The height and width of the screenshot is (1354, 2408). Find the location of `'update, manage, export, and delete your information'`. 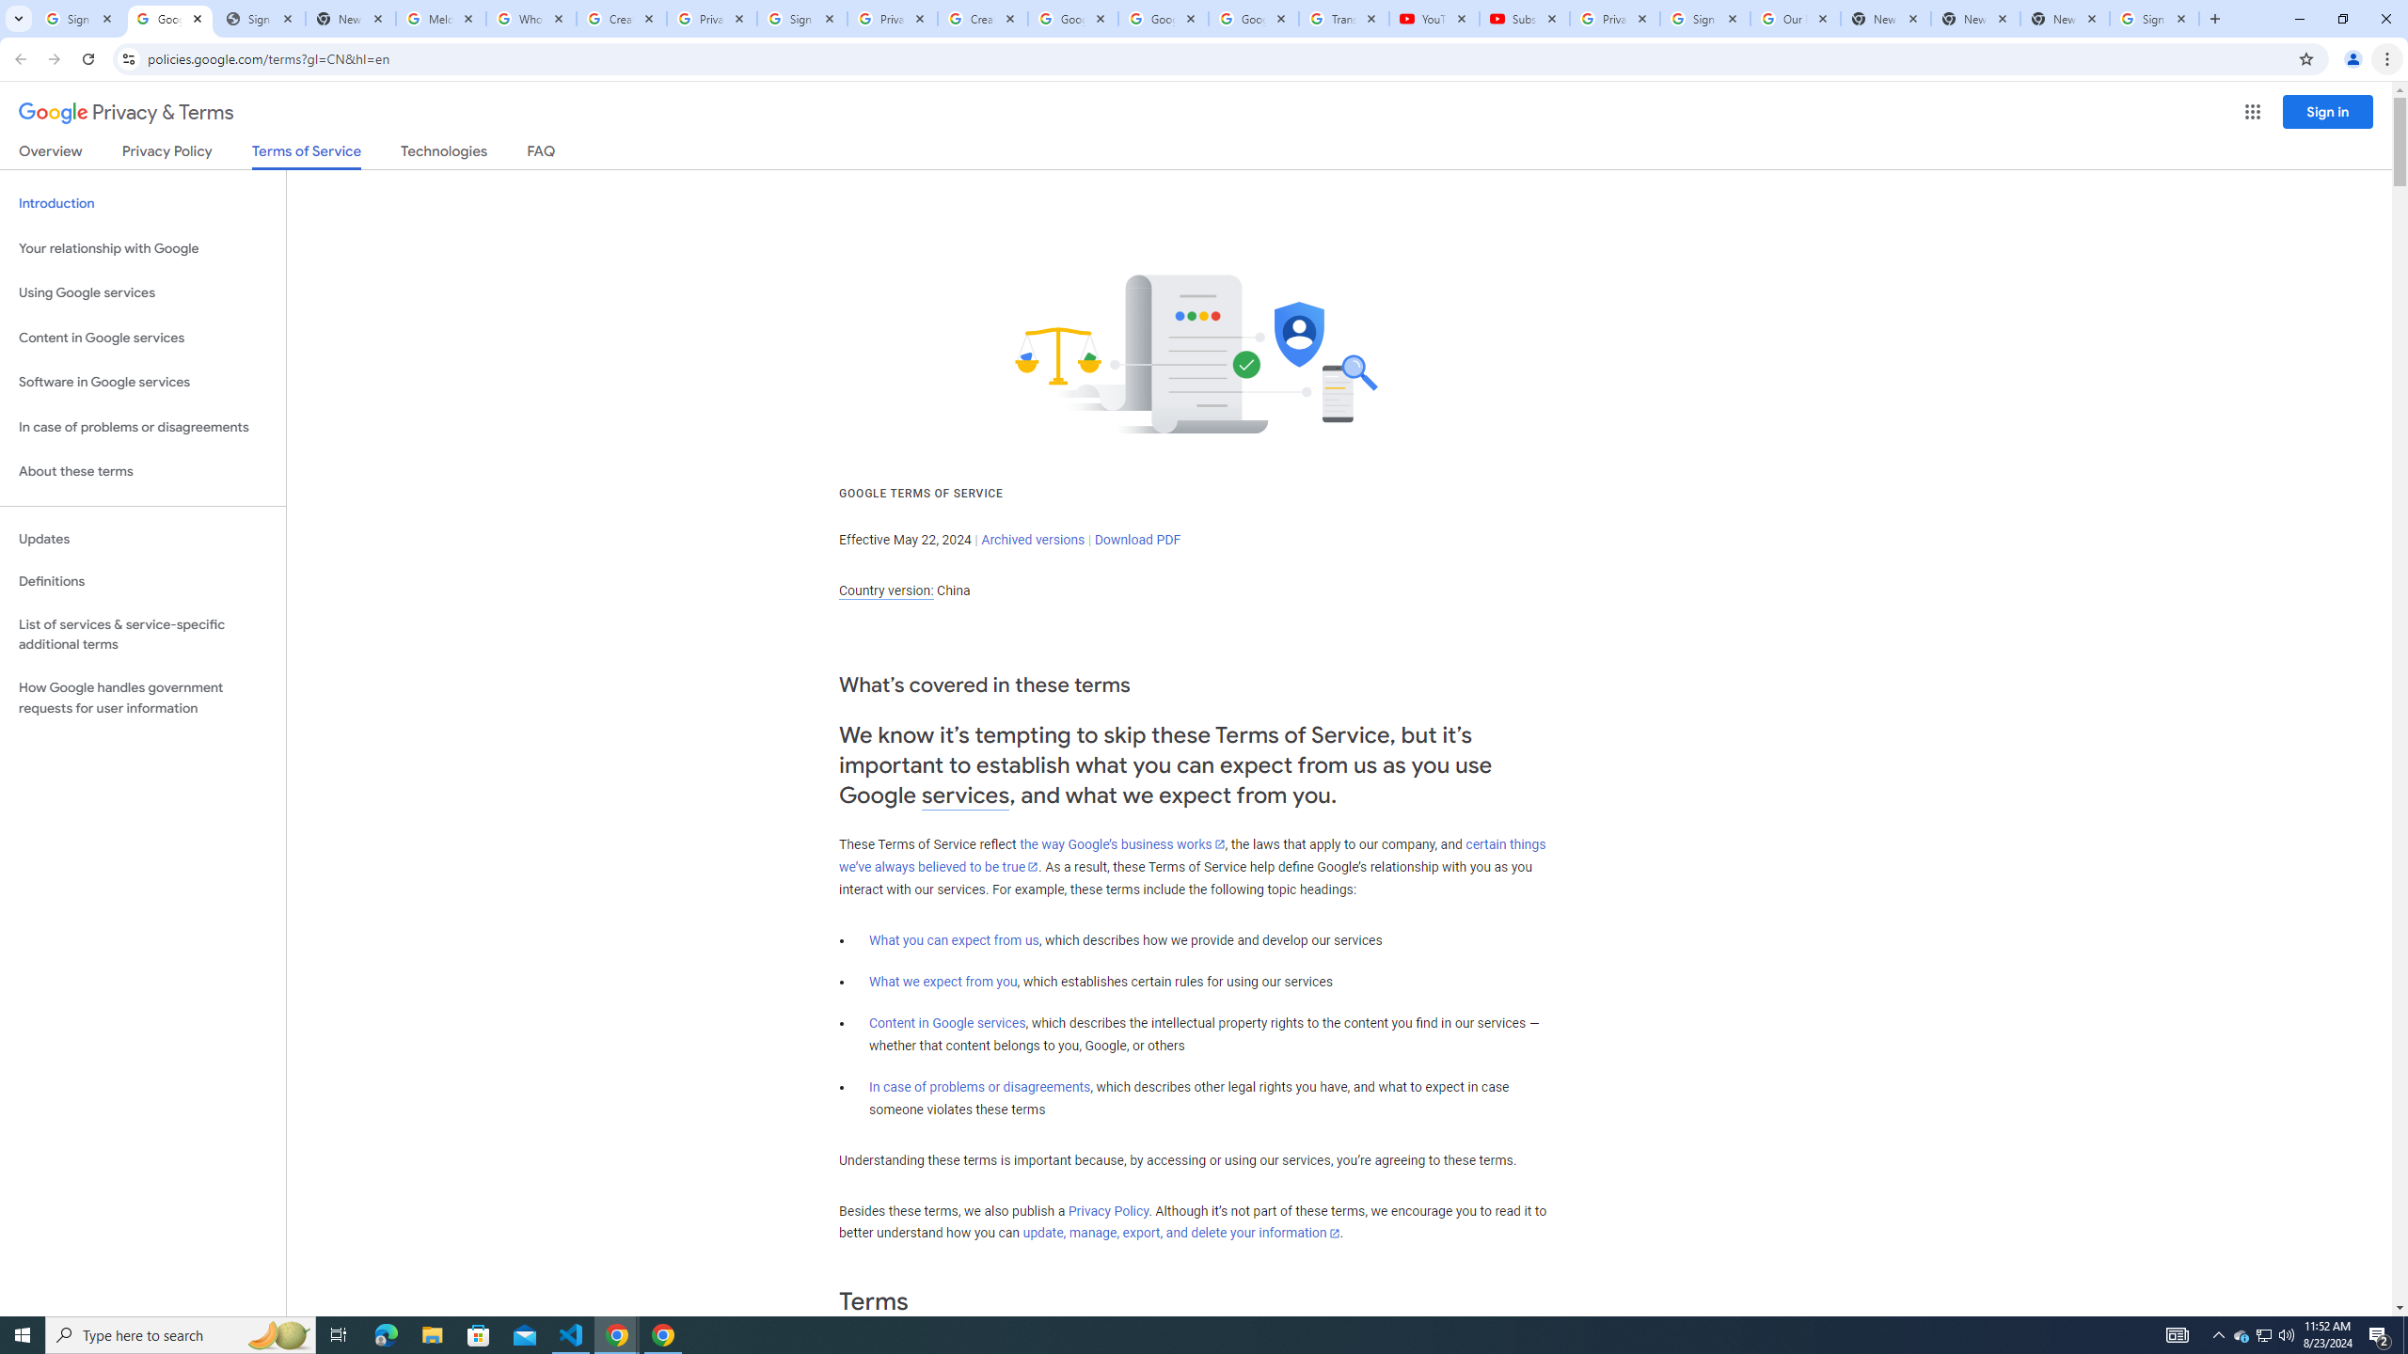

'update, manage, export, and delete your information' is located at coordinates (1180, 1232).